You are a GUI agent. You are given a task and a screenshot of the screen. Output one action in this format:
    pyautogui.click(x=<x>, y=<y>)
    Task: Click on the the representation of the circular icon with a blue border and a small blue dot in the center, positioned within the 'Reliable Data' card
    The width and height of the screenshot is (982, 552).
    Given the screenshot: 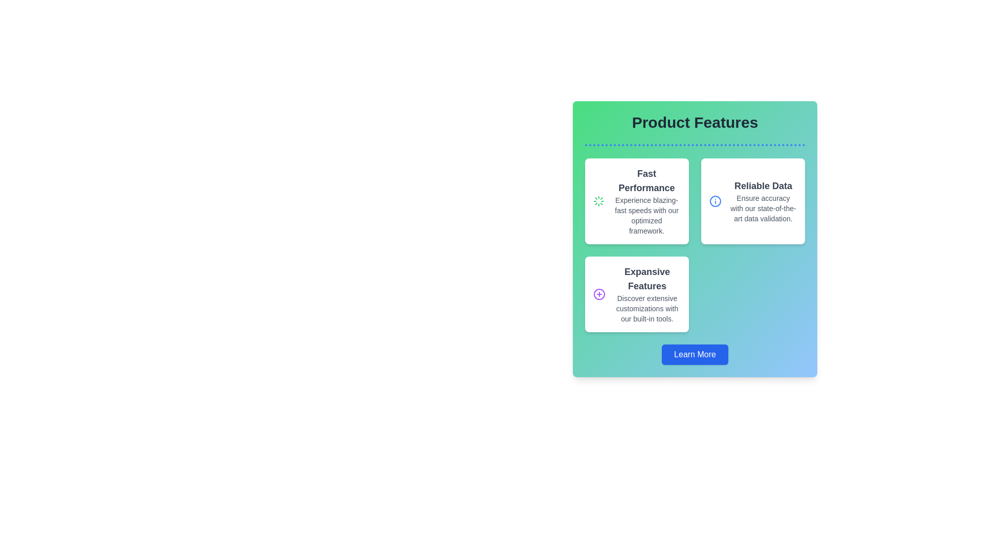 What is the action you would take?
    pyautogui.click(x=715, y=201)
    